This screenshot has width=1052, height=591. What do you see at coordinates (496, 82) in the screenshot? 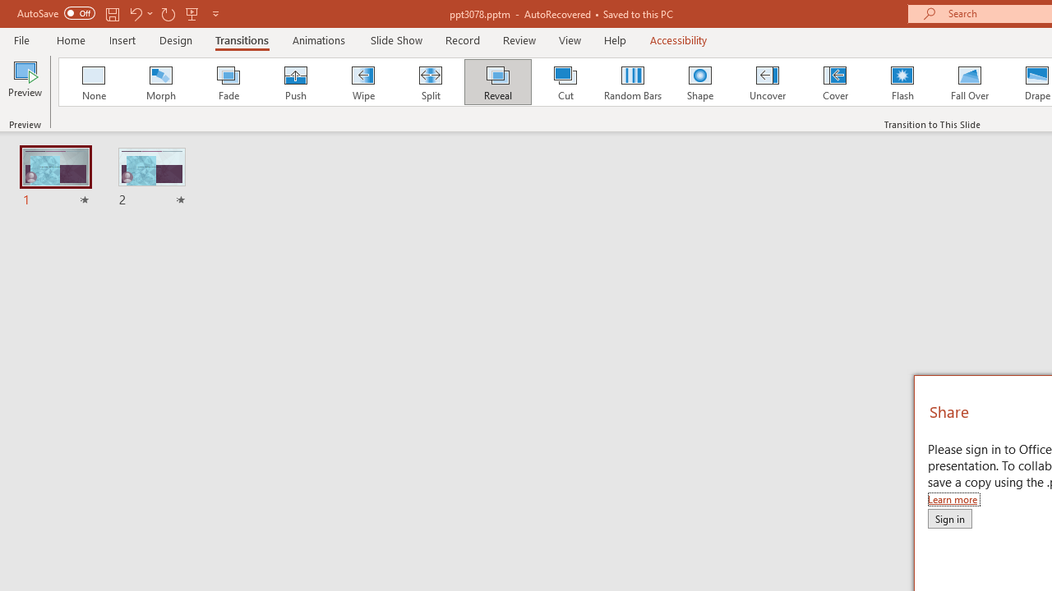
I see `'Reveal'` at bounding box center [496, 82].